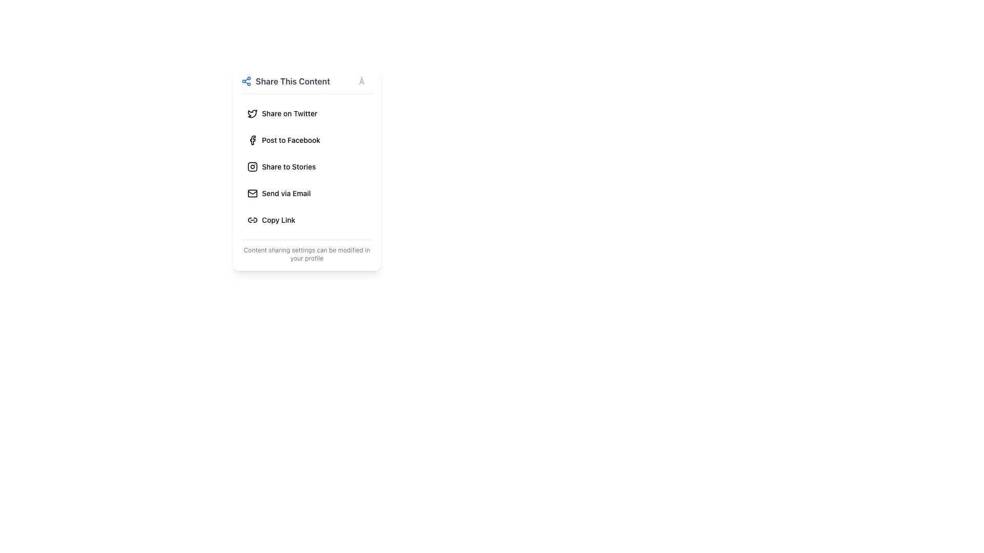 The width and height of the screenshot is (984, 553). What do you see at coordinates (365, 80) in the screenshot?
I see `the close button located in the top-right corner of the 'Share This Content' section` at bounding box center [365, 80].